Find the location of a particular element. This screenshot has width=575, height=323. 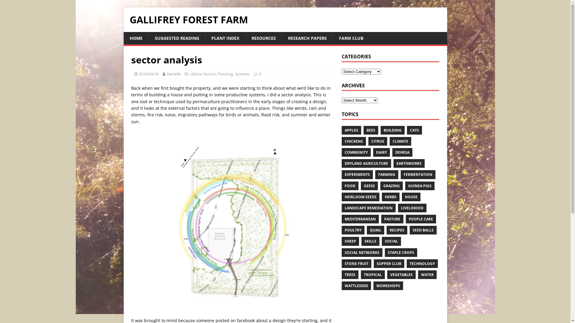

'HERBS' is located at coordinates (391, 197).